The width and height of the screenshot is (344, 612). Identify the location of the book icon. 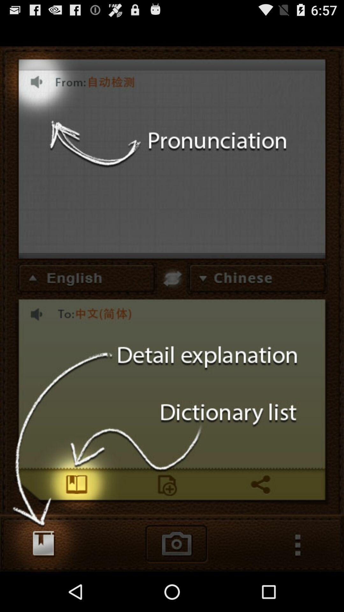
(42, 589).